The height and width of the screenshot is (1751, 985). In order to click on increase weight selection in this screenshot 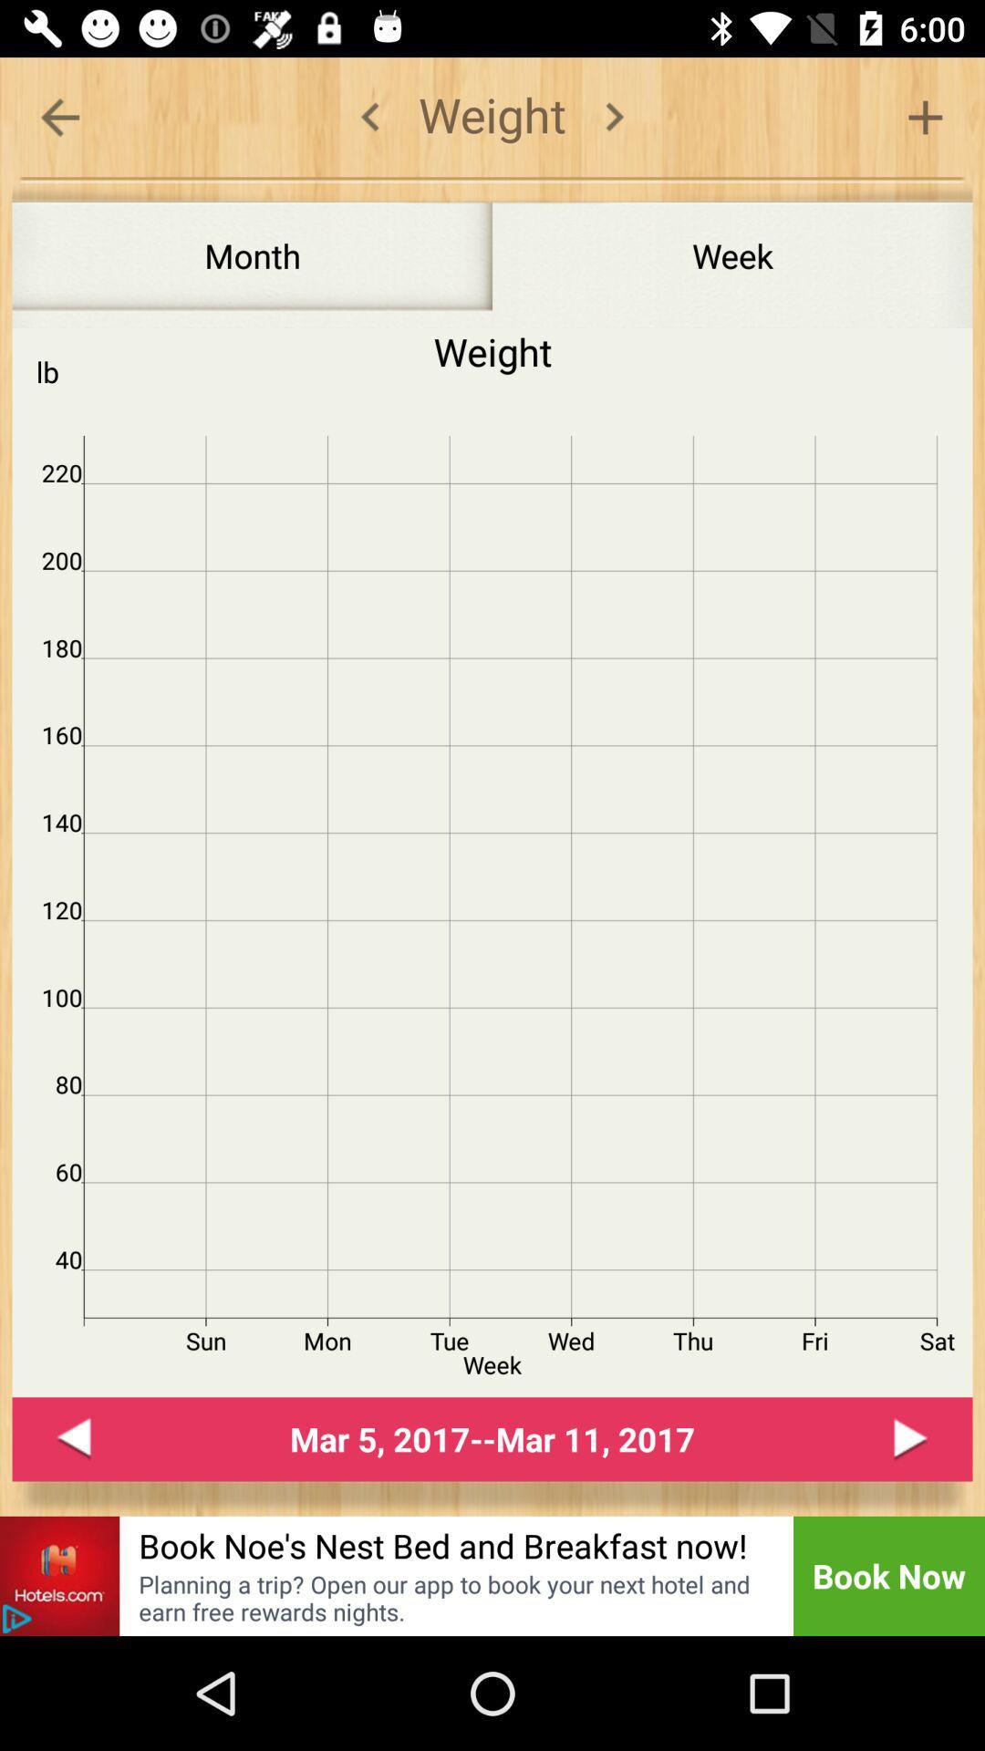, I will do `click(925, 116)`.